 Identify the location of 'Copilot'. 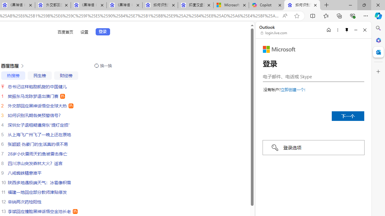
(266, 5).